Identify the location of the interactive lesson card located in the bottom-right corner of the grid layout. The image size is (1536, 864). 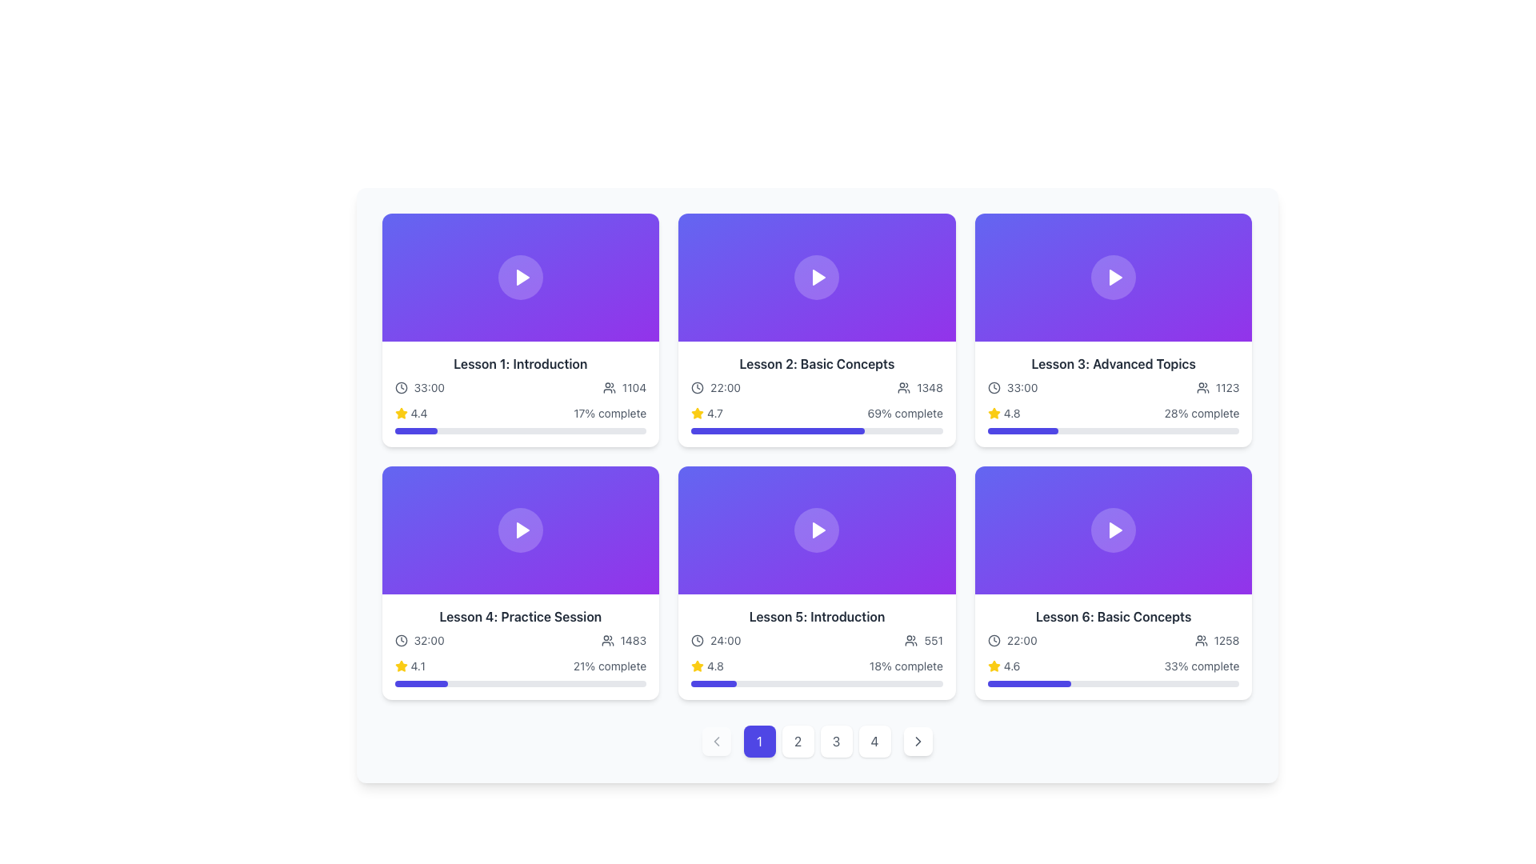
(1113, 583).